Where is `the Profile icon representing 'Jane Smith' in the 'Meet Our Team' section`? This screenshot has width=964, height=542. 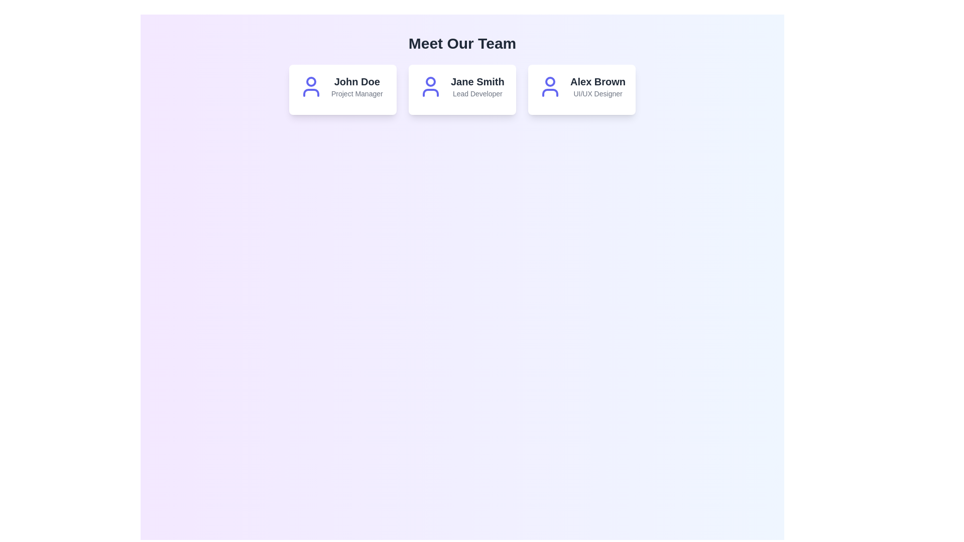
the Profile icon representing 'Jane Smith' in the 'Meet Our Team' section is located at coordinates (431, 86).